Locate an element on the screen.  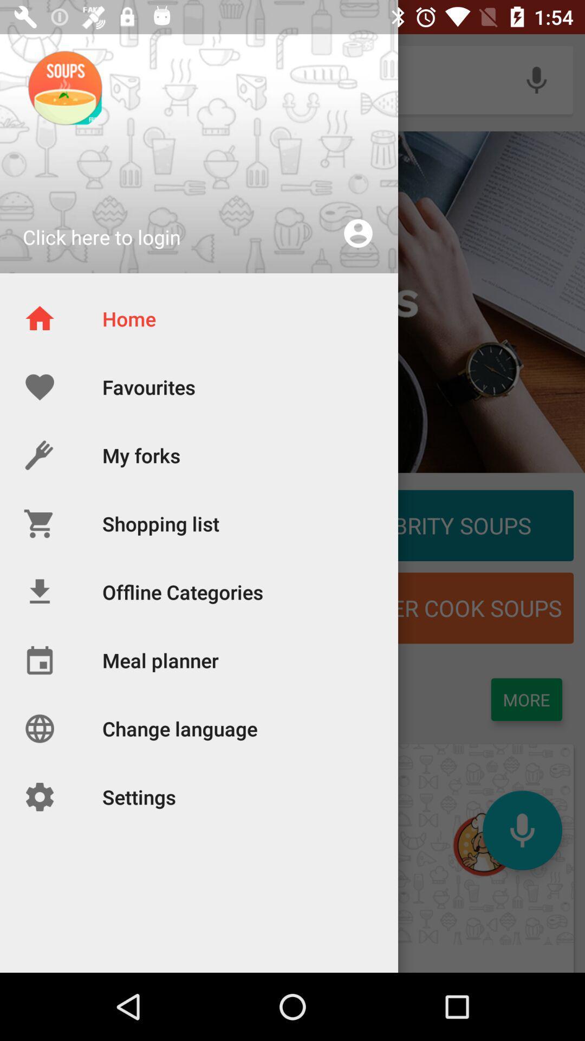
the microphone icon is located at coordinates (522, 830).